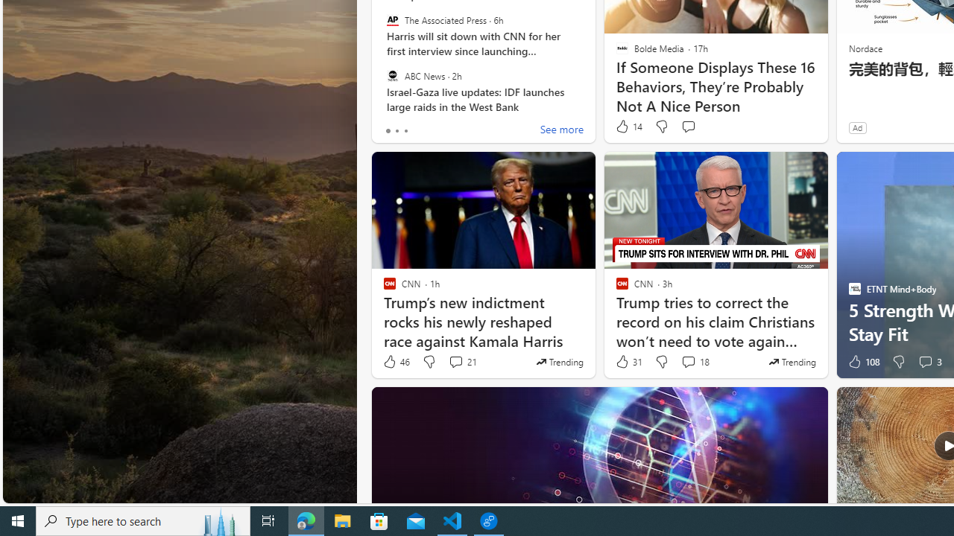  I want to click on 'Ad', so click(857, 127).